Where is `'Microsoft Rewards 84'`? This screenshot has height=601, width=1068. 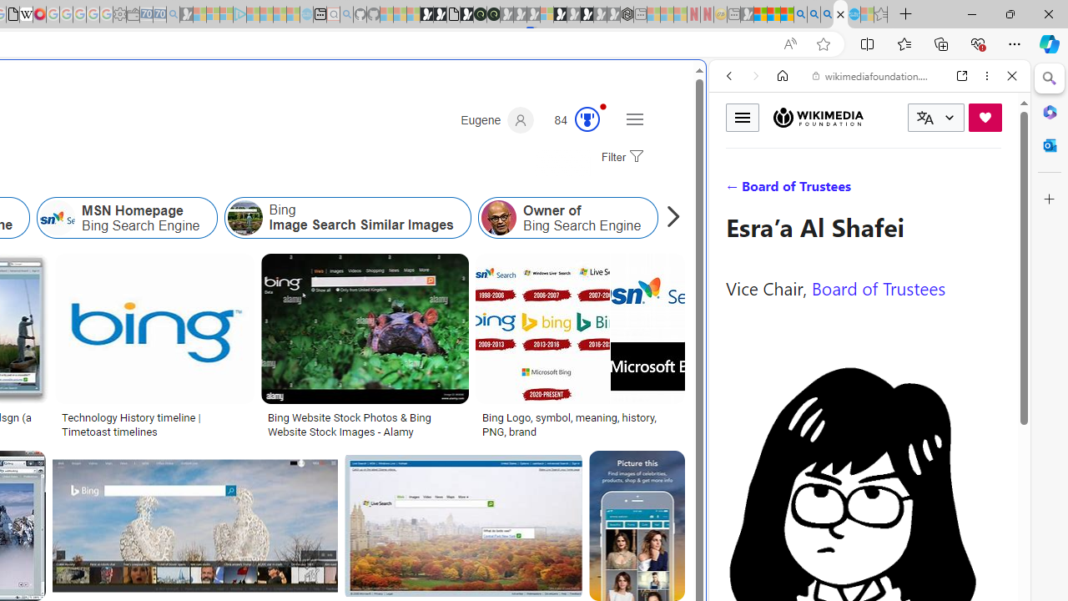
'Microsoft Rewards 84' is located at coordinates (572, 119).